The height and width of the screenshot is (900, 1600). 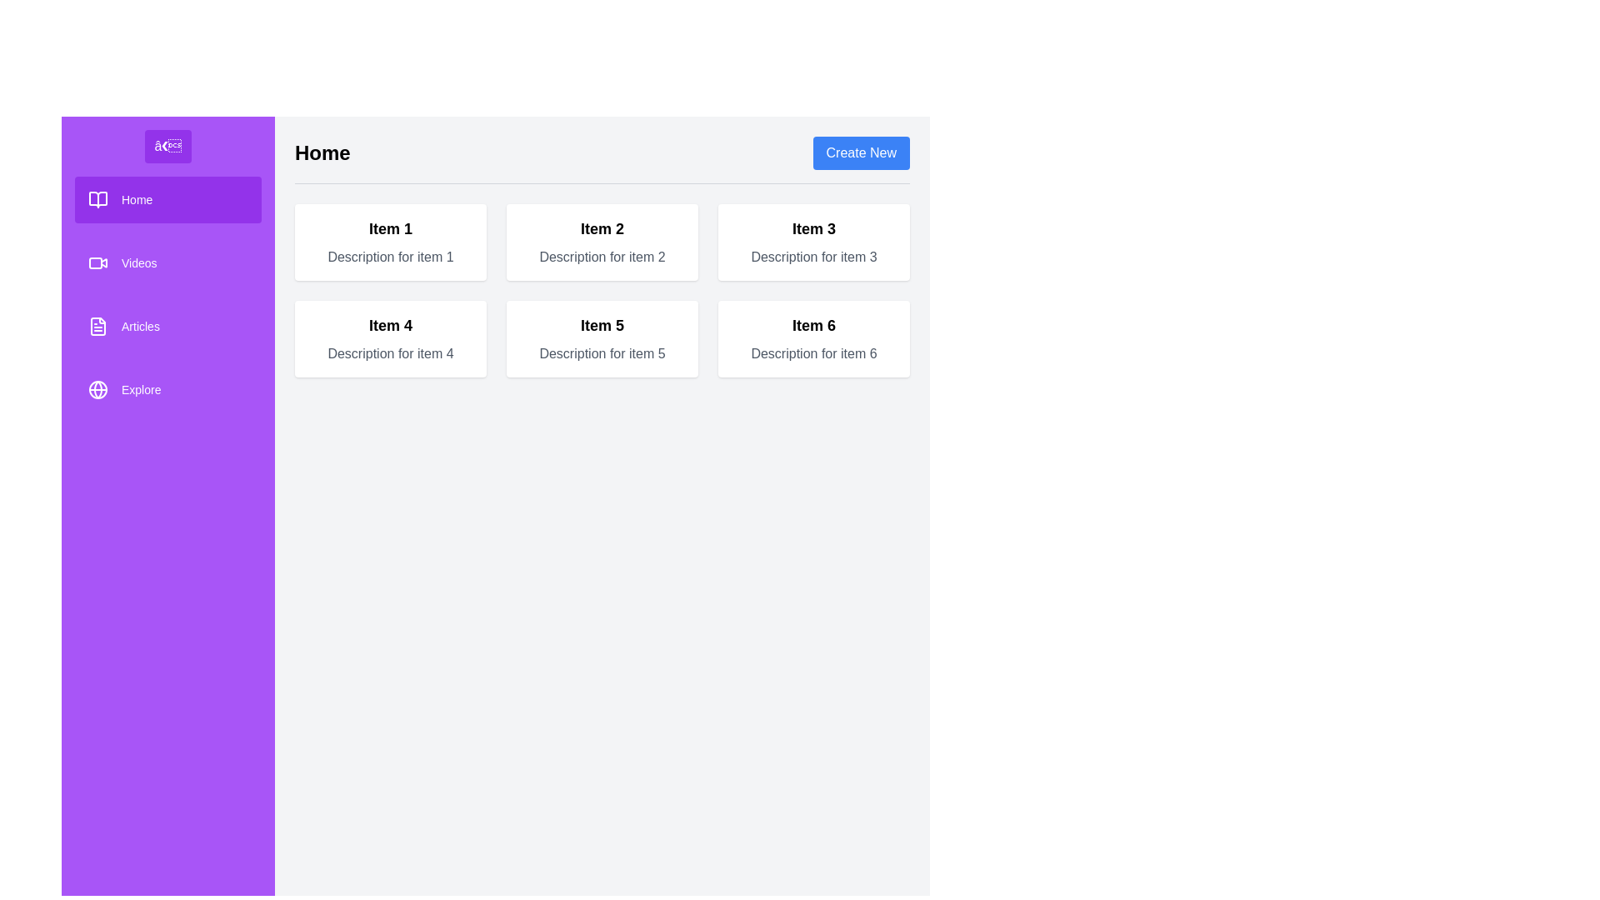 I want to click on the display card presenting information about 'Item 5' located in the middle row, second column of the grid layout, so click(x=602, y=338).